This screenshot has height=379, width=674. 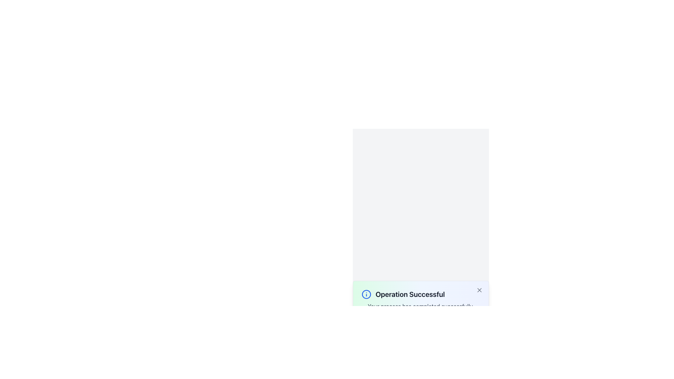 I want to click on the close button located at the top-right corner of the notification card that contains the message 'Operation Successful', so click(x=479, y=290).